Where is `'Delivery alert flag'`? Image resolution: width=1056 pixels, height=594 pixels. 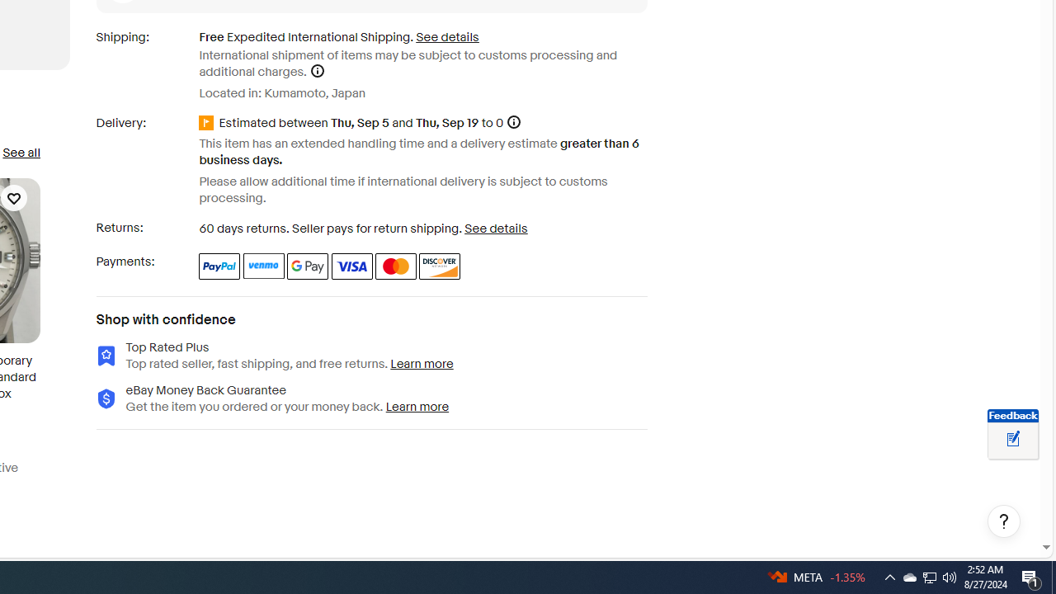 'Delivery alert flag' is located at coordinates (208, 122).